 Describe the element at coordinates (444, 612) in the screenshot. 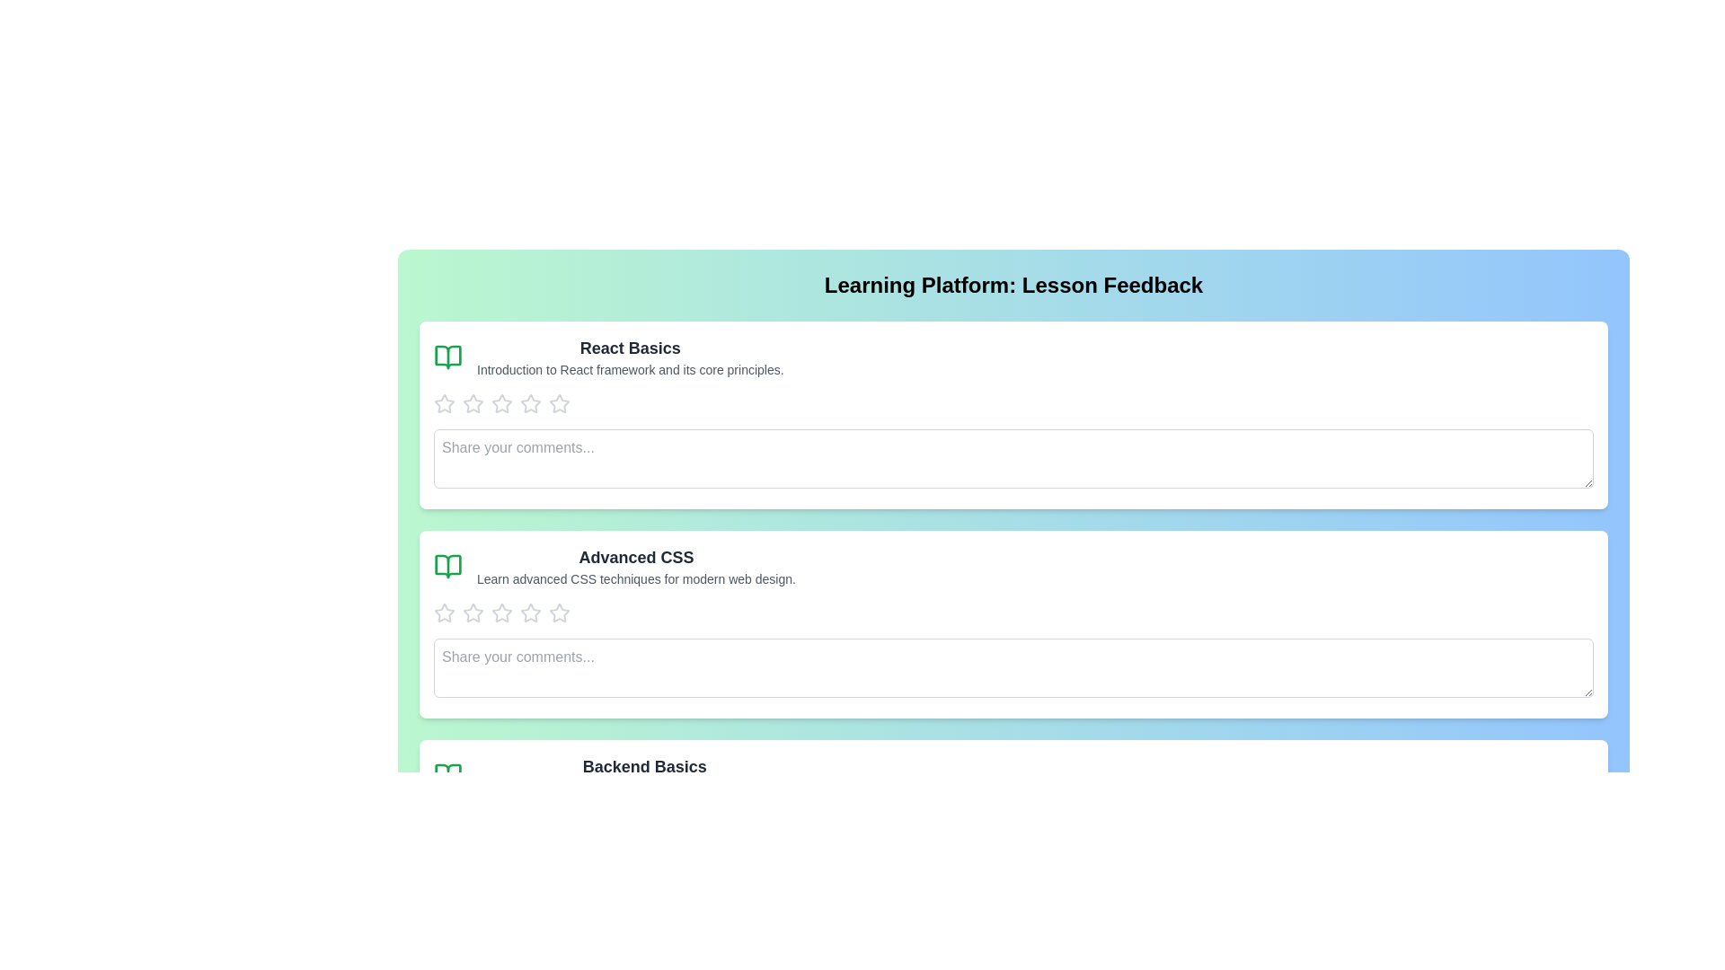

I see `the third star icon from the left in the rating system under the 'Advanced CSS' section to rate it` at that location.